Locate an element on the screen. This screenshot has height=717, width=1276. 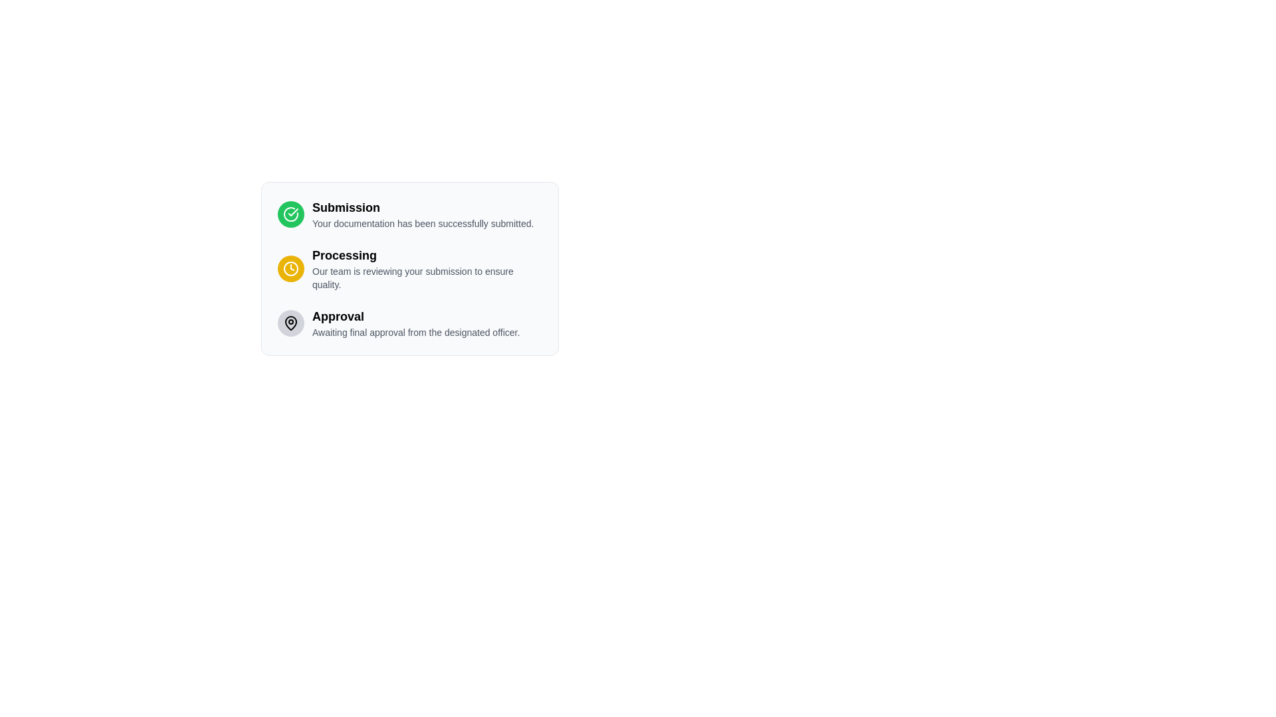
the static text label that displays additional information about the 'Processing' status, located below the bold title 'Processing' is located at coordinates (427, 278).